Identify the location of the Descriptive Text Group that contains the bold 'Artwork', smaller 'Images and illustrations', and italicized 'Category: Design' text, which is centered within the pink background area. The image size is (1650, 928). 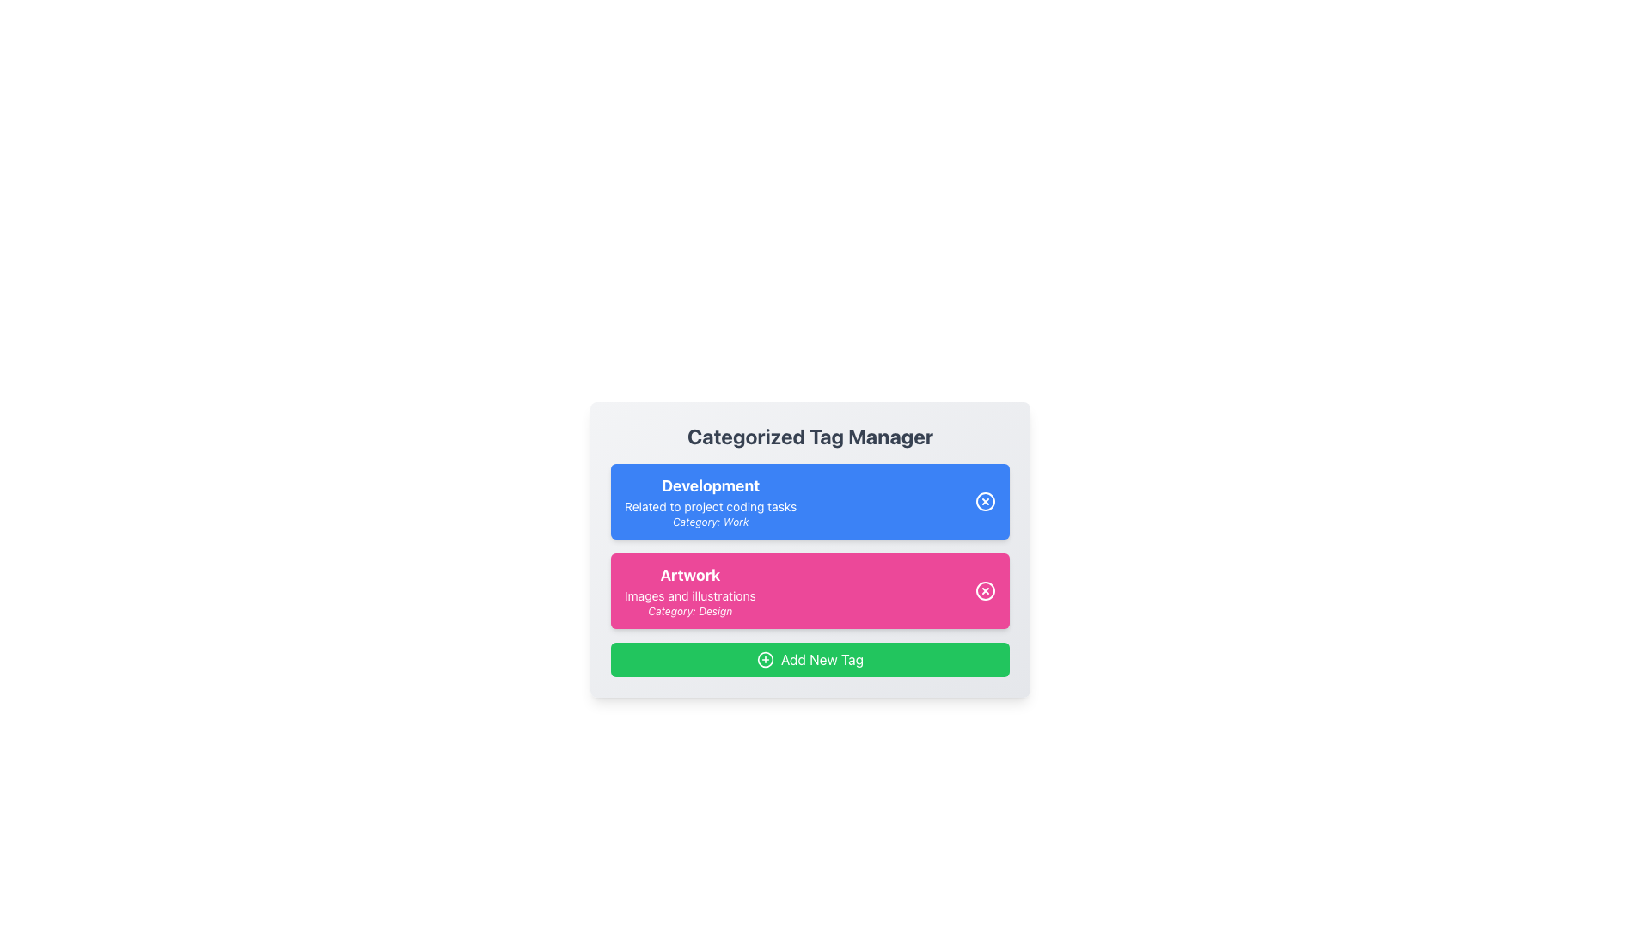
(690, 589).